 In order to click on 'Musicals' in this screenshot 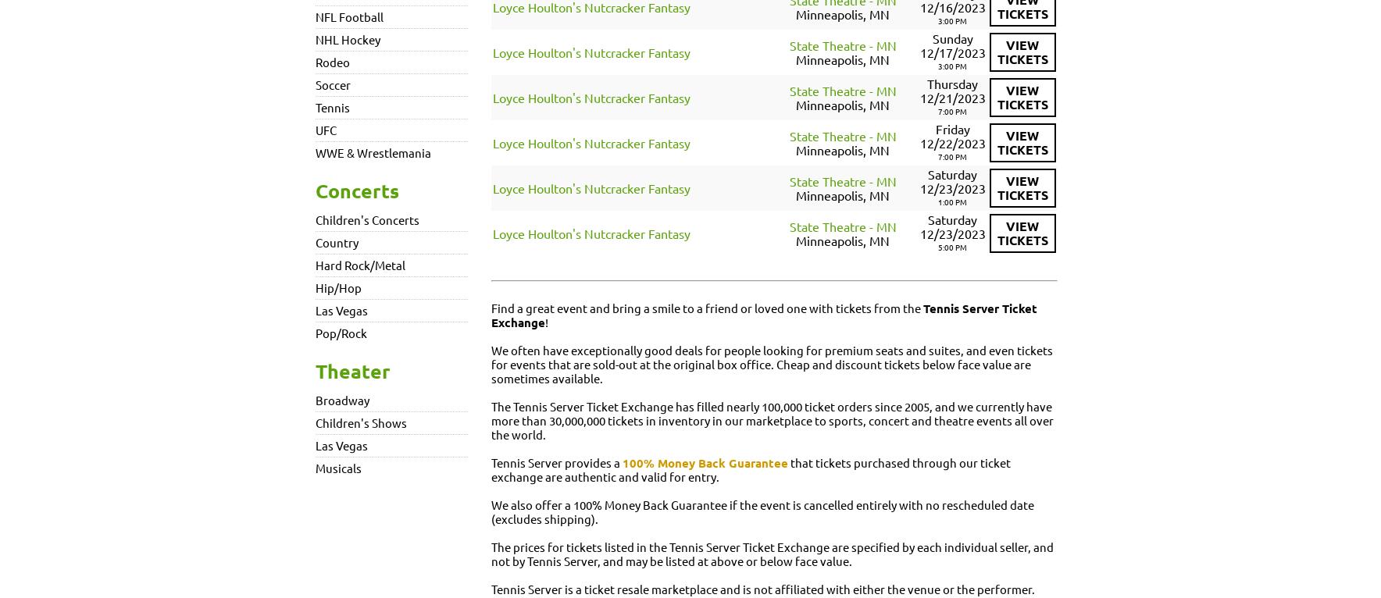, I will do `click(338, 468)`.